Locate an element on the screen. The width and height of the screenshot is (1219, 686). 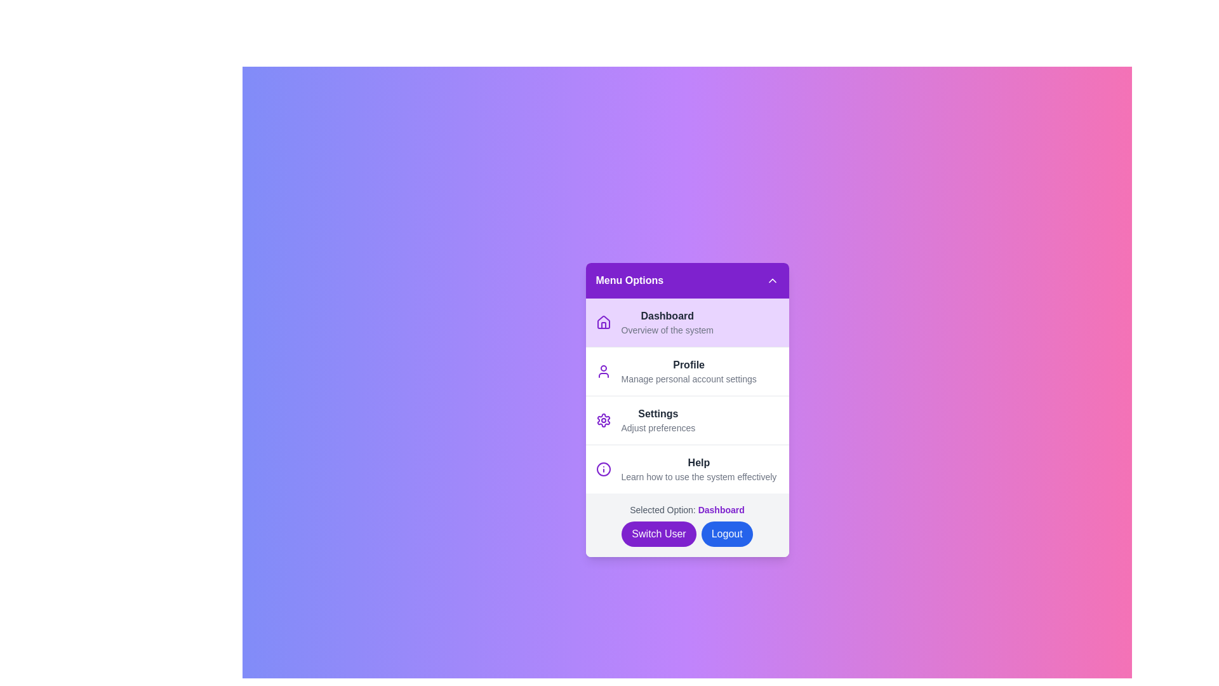
the menu item Settings from the sidebar menu is located at coordinates (686, 419).